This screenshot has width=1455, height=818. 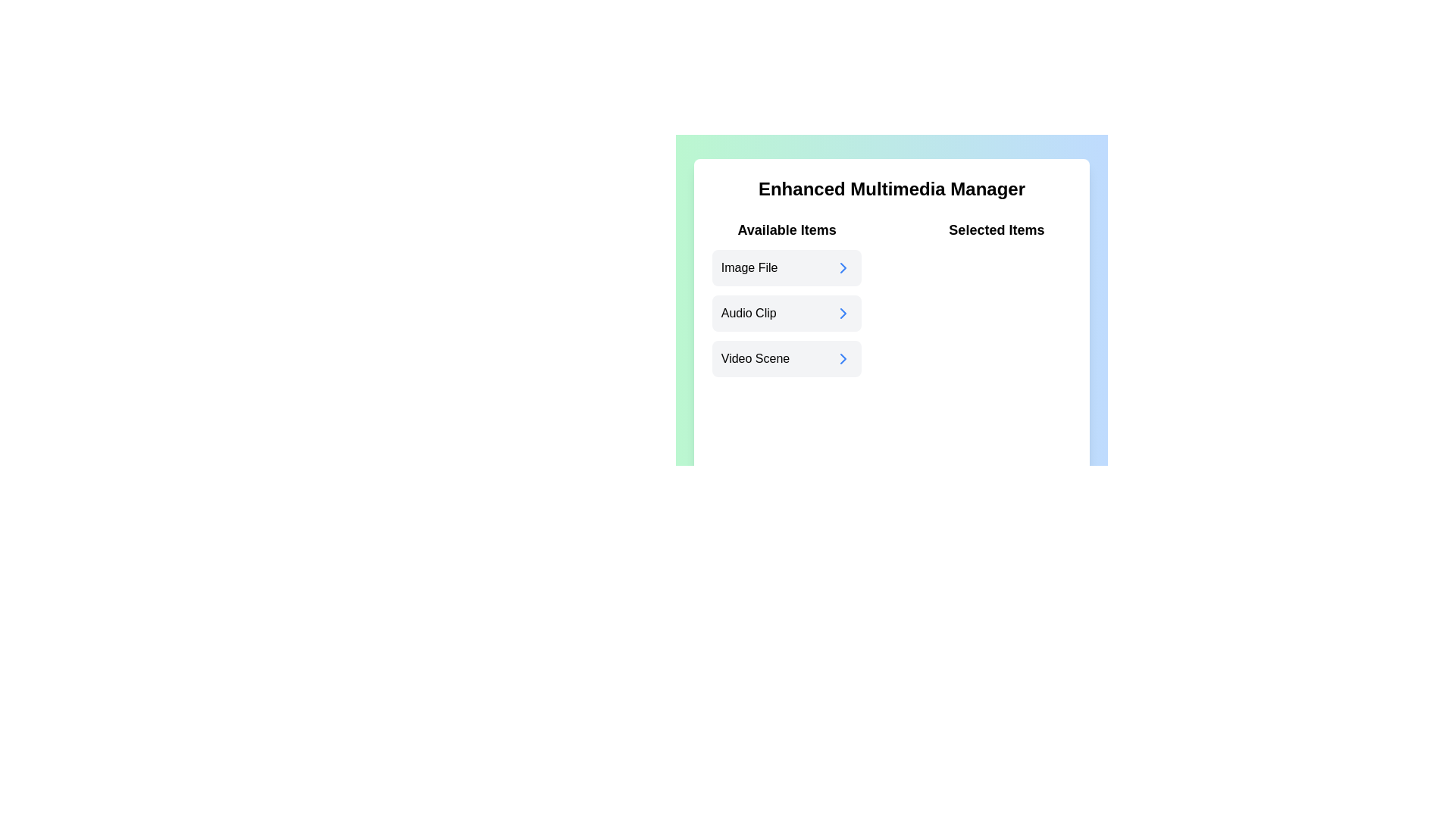 I want to click on the right-pointing chevron icon located in the 'Available Items' section, so click(x=843, y=359).